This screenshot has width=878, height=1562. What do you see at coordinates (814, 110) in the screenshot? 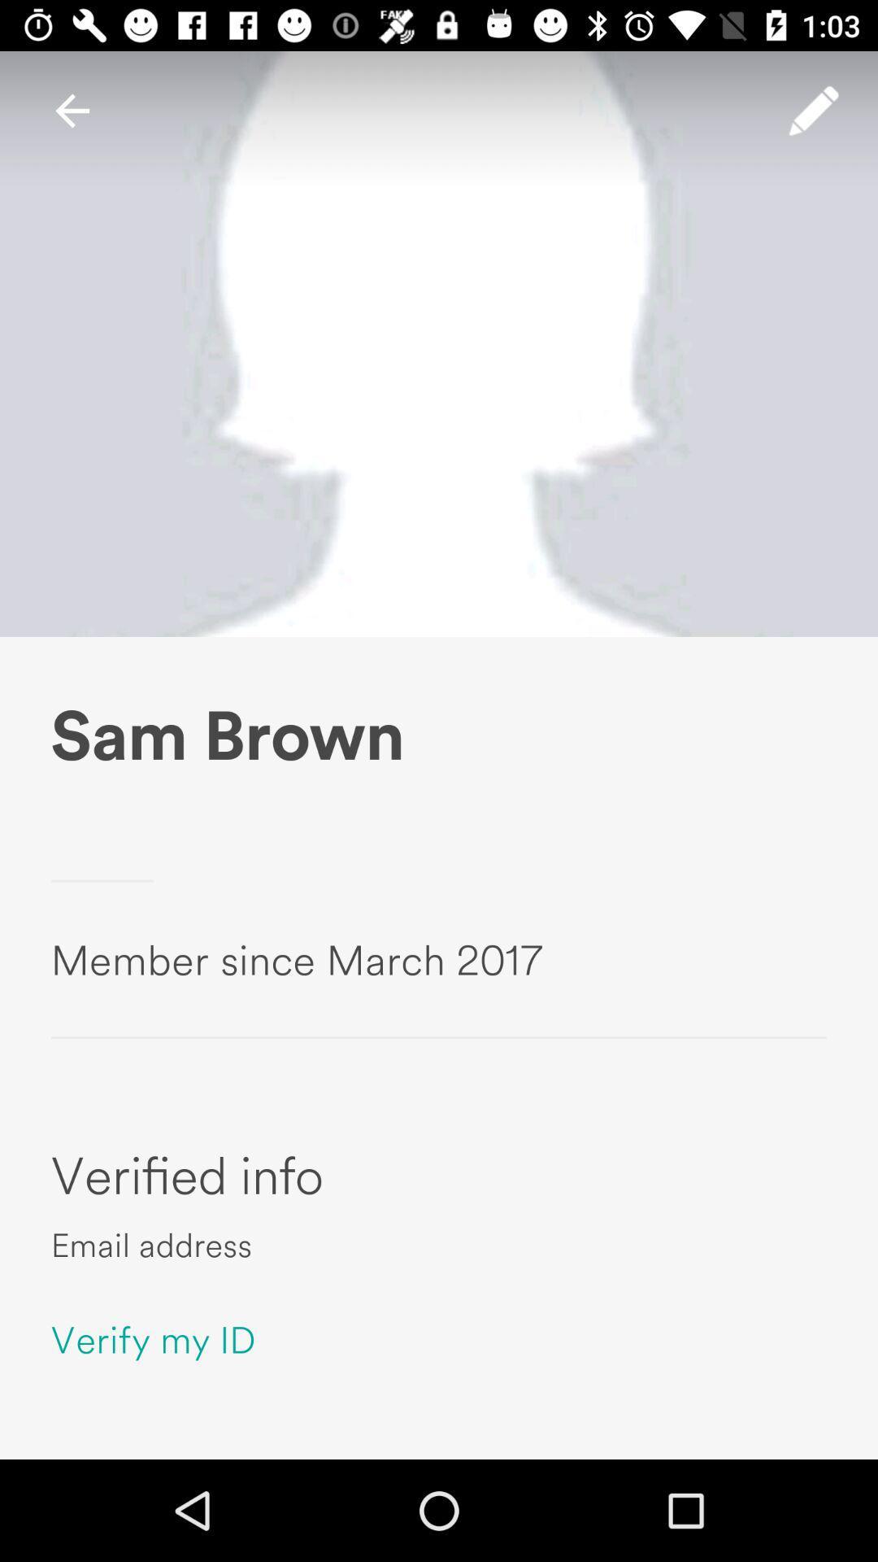
I see `the item above sam brown` at bounding box center [814, 110].